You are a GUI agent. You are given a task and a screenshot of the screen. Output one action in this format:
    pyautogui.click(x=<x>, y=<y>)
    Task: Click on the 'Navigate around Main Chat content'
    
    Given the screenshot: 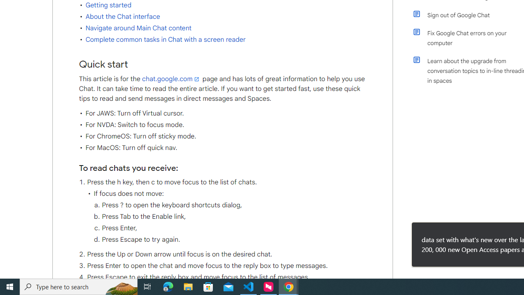 What is the action you would take?
    pyautogui.click(x=138, y=28)
    